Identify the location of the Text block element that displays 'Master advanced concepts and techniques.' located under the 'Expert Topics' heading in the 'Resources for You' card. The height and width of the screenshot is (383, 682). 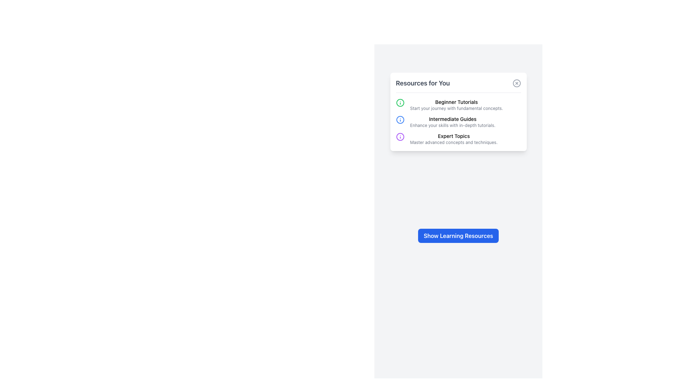
(453, 142).